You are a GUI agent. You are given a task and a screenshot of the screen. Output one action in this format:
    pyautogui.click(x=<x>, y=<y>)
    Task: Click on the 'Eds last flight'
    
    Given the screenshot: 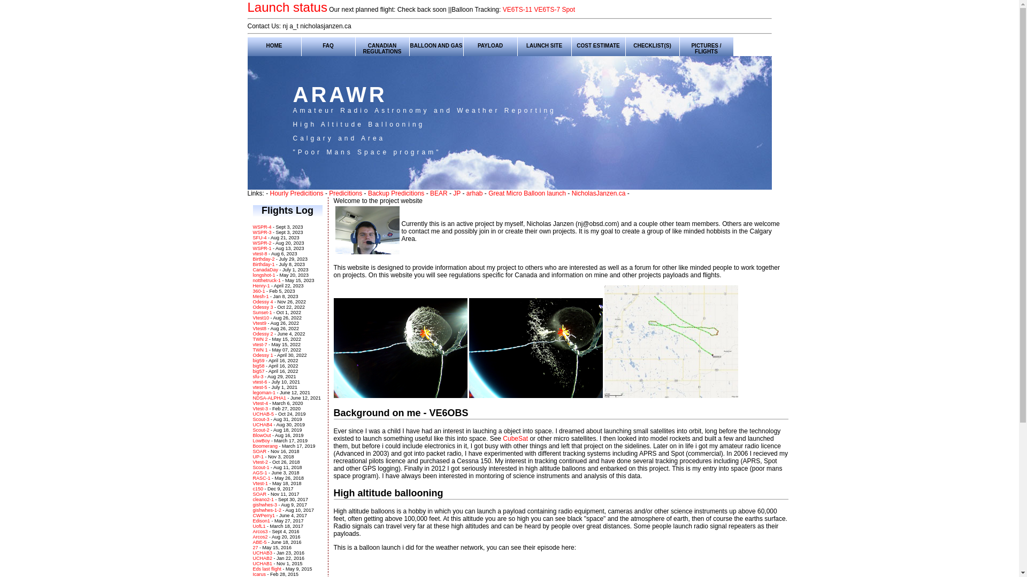 What is the action you would take?
    pyautogui.click(x=251, y=568)
    